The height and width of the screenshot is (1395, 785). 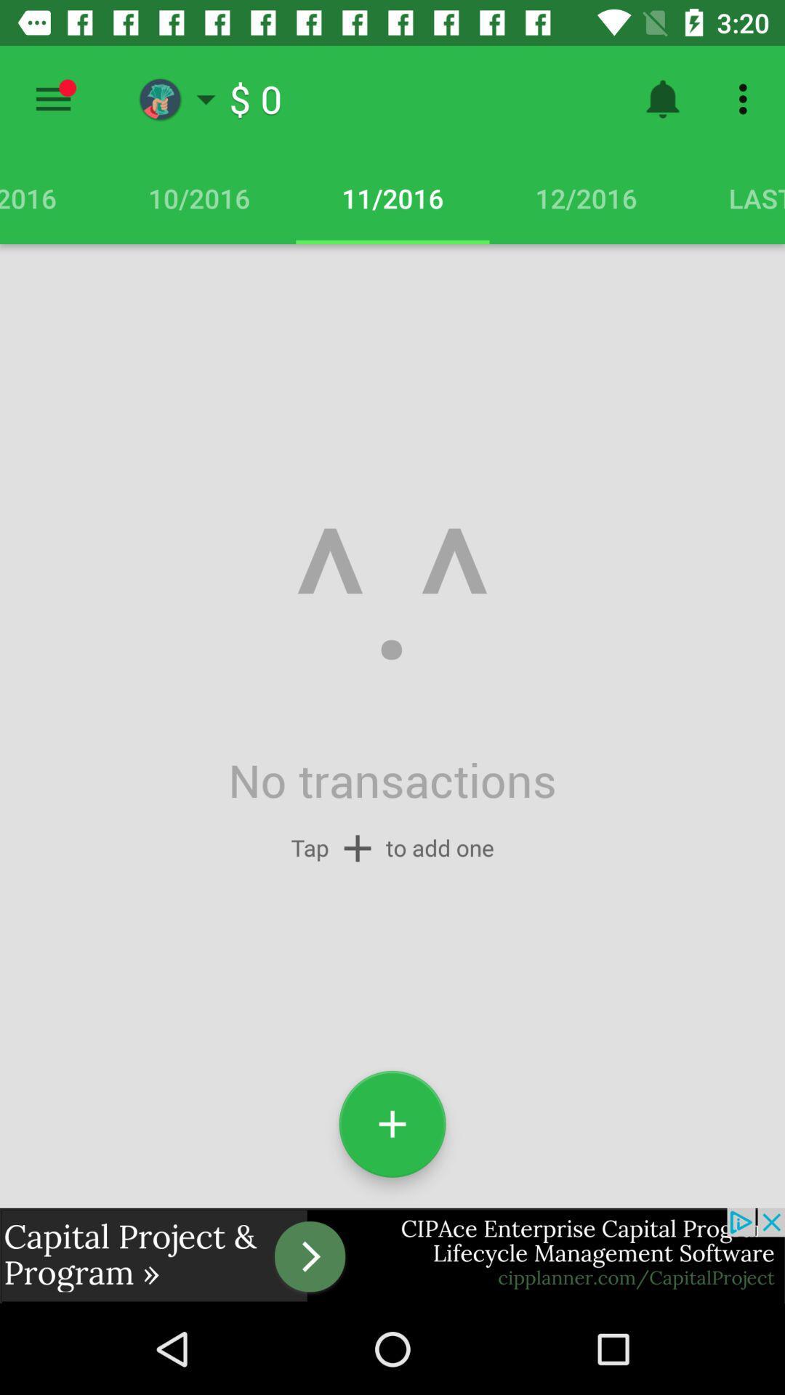 What do you see at coordinates (392, 1255) in the screenshot?
I see `advertisement display screen` at bounding box center [392, 1255].